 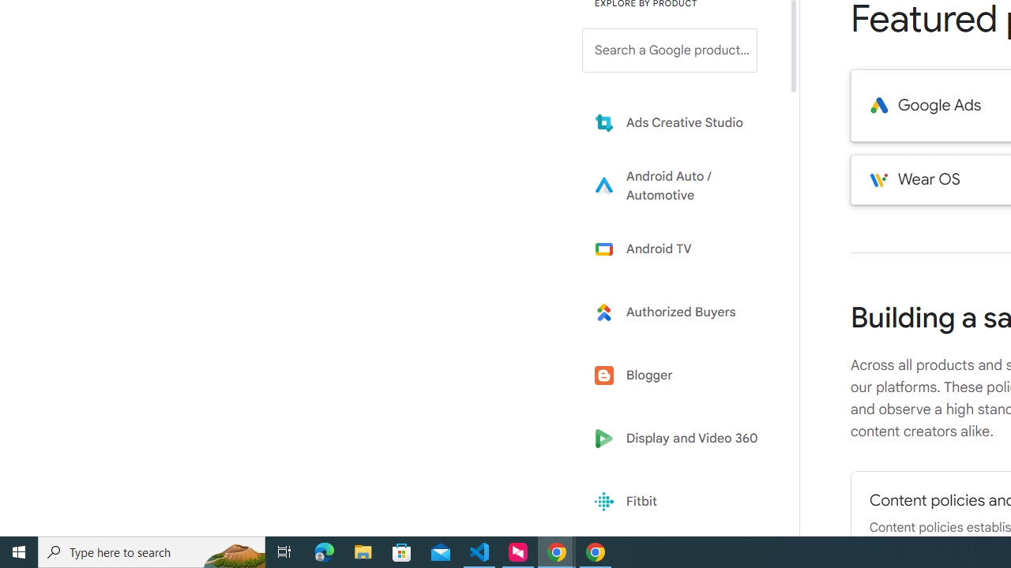 What do you see at coordinates (681, 502) in the screenshot?
I see `'Fitbit'` at bounding box center [681, 502].